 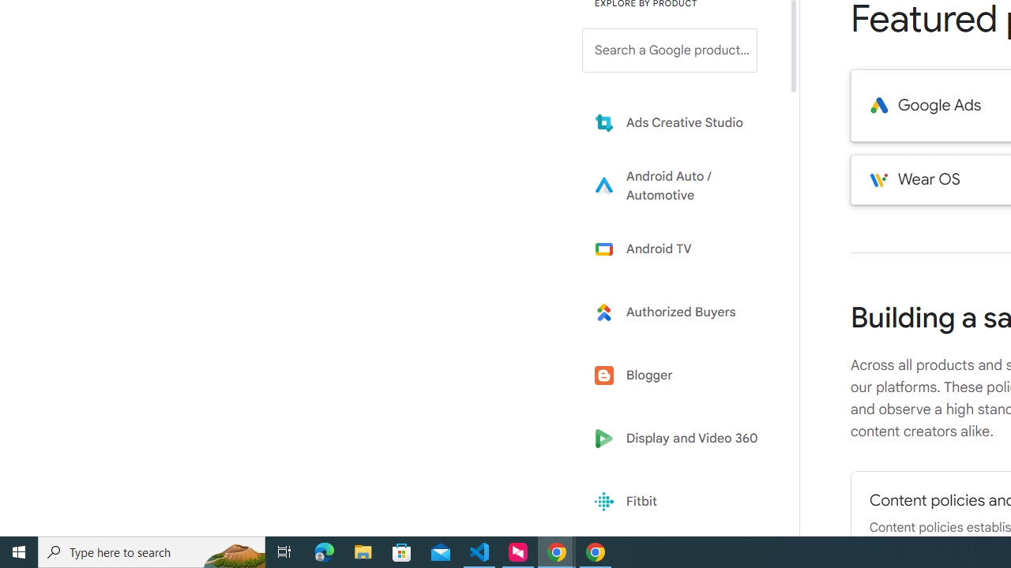 What do you see at coordinates (681, 502) in the screenshot?
I see `'Fitbit'` at bounding box center [681, 502].